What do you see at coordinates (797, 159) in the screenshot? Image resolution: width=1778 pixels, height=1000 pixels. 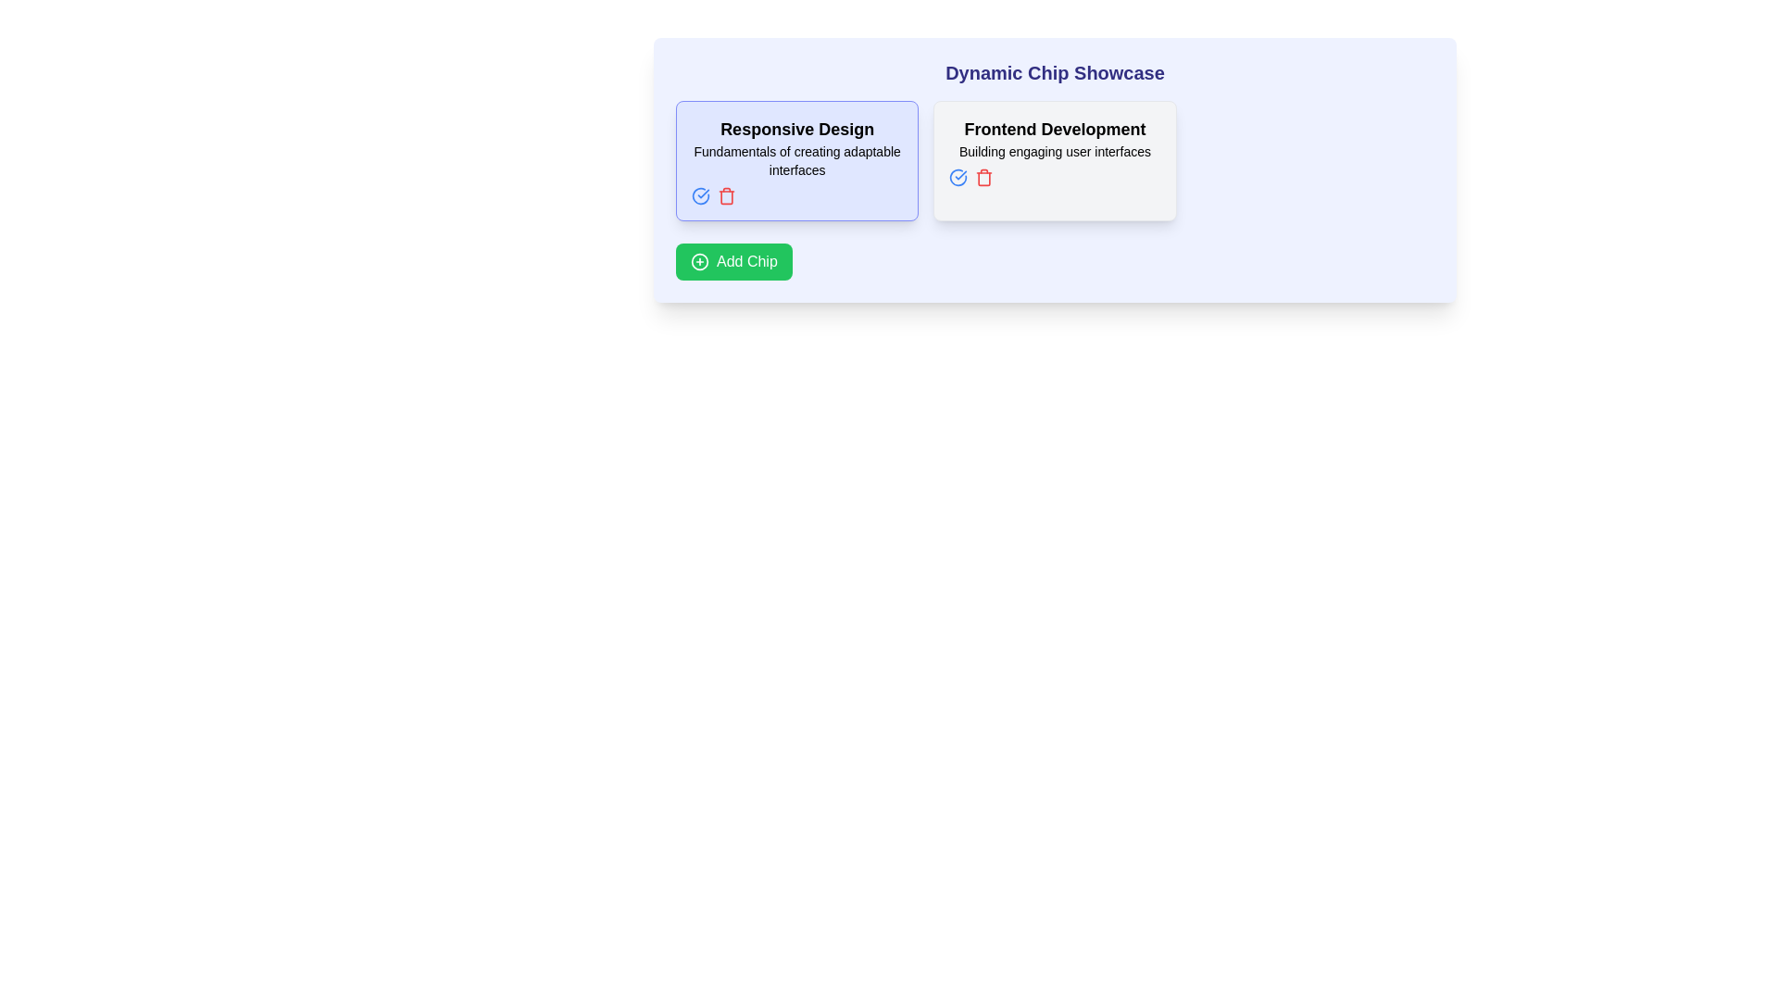 I see `the static text label displaying 'Fundamentals of creating adaptable interfaces' which is centrally aligned within its light indigo-colored card, positioned below 'Responsive Design'` at bounding box center [797, 159].